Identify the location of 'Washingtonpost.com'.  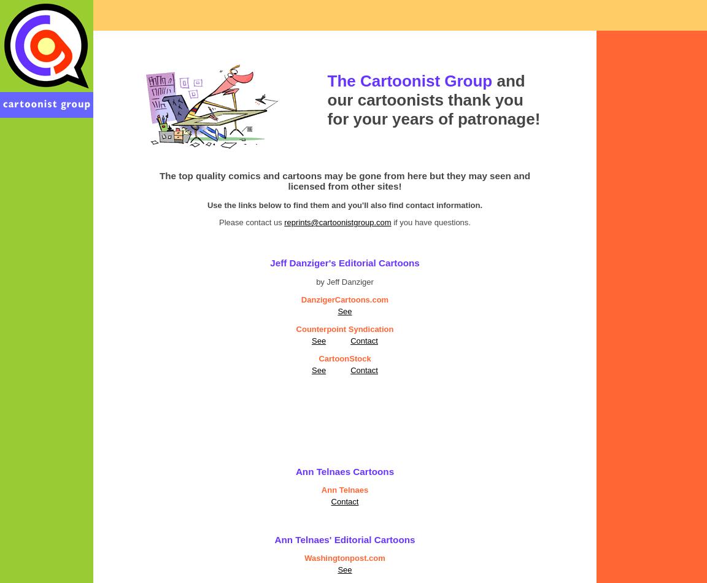
(304, 557).